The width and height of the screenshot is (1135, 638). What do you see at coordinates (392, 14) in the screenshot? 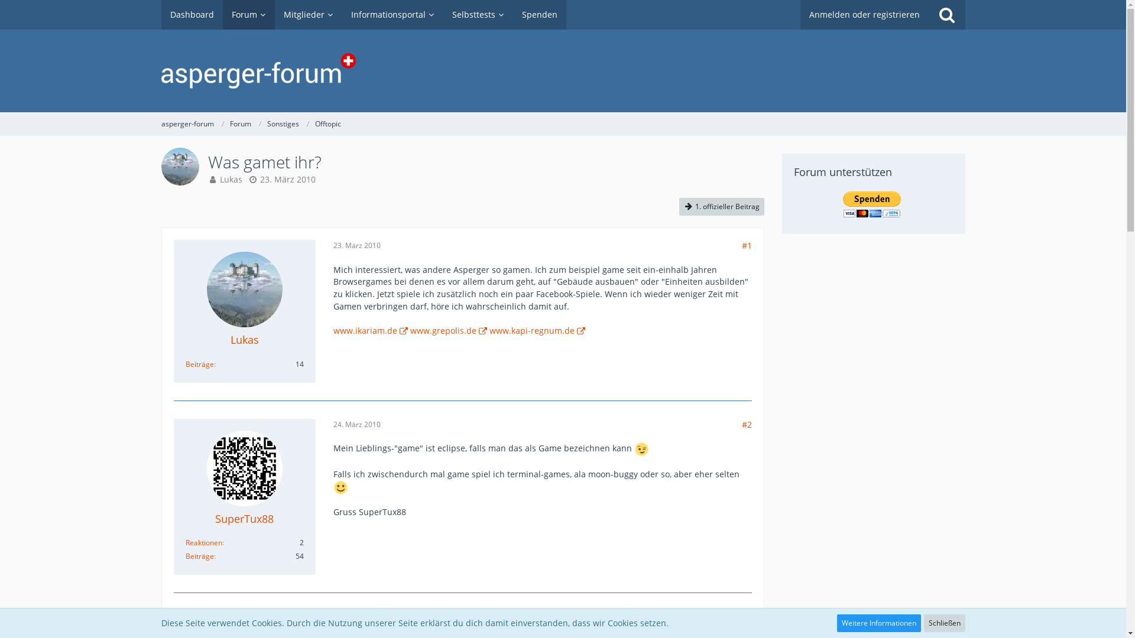
I see `'Informationsportal'` at bounding box center [392, 14].